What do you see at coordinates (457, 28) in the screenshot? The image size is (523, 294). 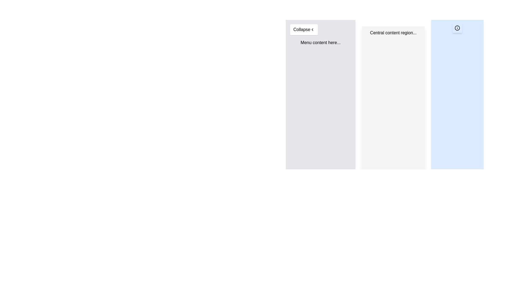 I see `the circular SVG graphic with a black border and light blue interior located at the top-right corner of the interface section` at bounding box center [457, 28].